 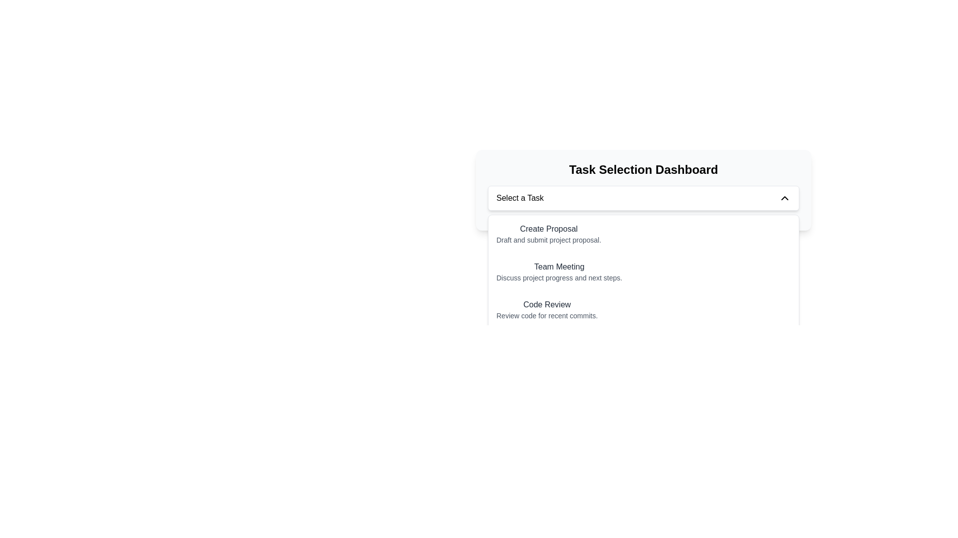 I want to click on the 'Team Meeting' option in the dropdown menu under 'Task Selection Dashboard', so click(x=644, y=272).